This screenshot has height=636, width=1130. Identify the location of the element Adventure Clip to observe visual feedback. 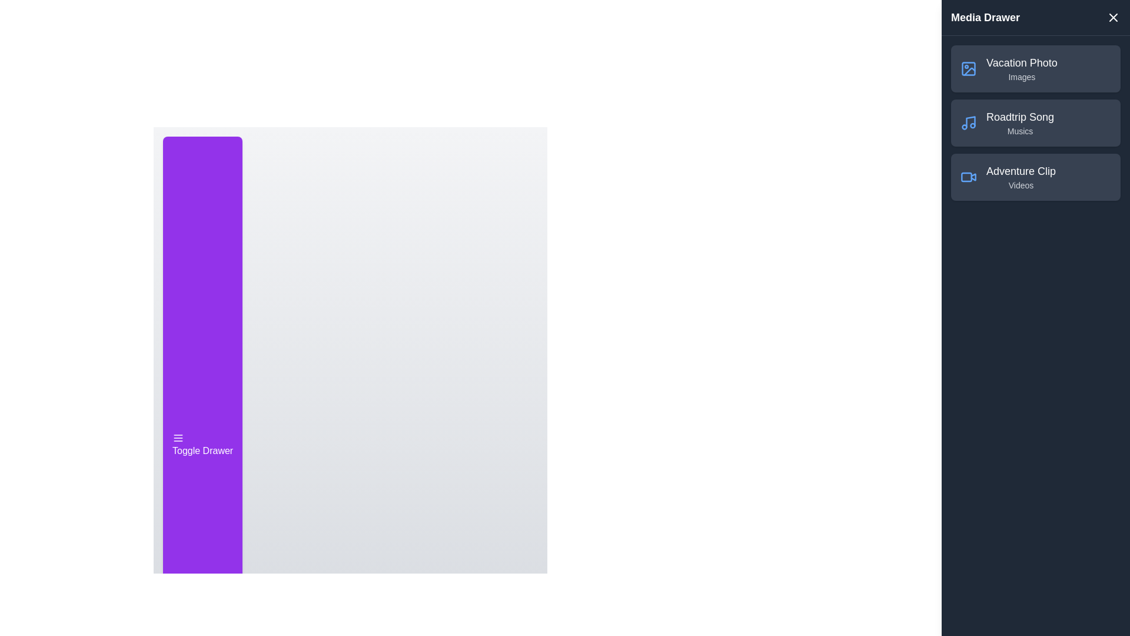
(969, 177).